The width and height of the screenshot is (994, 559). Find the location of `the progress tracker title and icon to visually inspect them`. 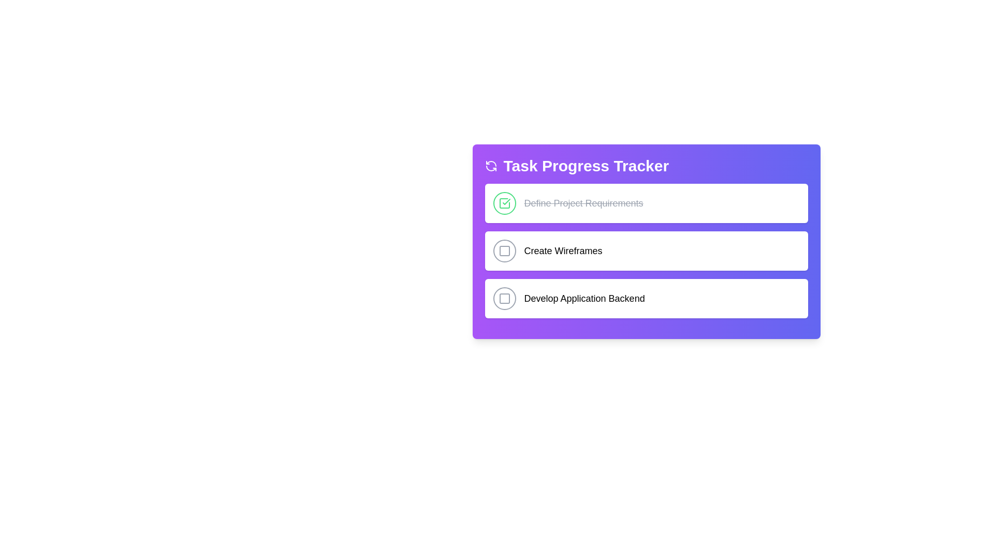

the progress tracker title and icon to visually inspect them is located at coordinates (646, 165).